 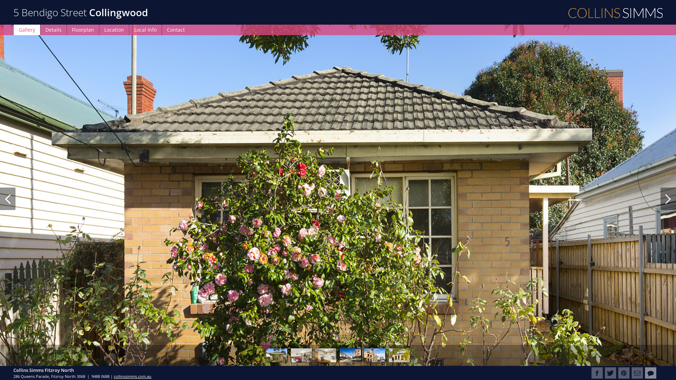 What do you see at coordinates (53, 29) in the screenshot?
I see `'Details'` at bounding box center [53, 29].